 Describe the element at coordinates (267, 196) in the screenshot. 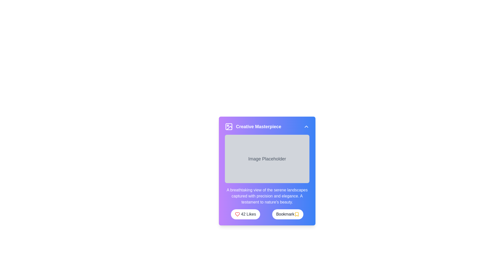

I see `the Text Block that provides a descriptive caption or summary about the content, located centrally within the card design beneath the Image Placeholder` at that location.